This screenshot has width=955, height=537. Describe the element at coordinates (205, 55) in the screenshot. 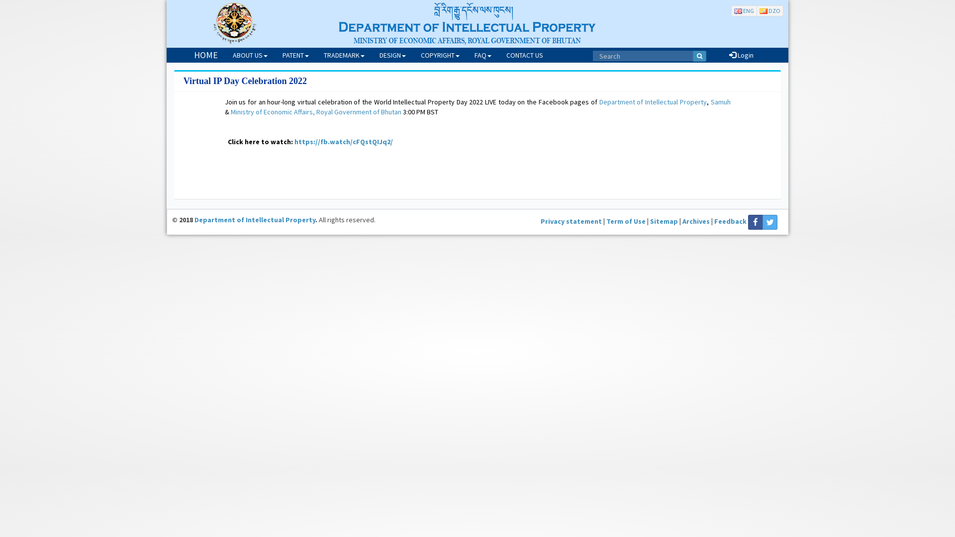

I see `'HOME'` at that location.